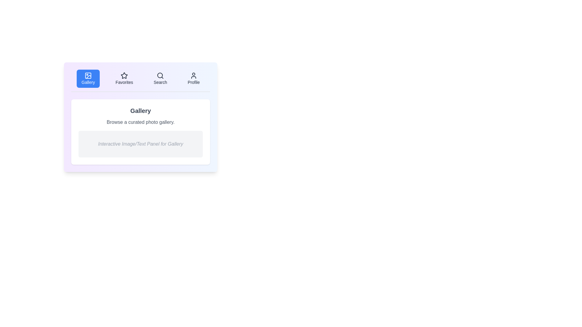 Image resolution: width=582 pixels, height=327 pixels. Describe the element at coordinates (193, 78) in the screenshot. I see `the Profile tab` at that location.